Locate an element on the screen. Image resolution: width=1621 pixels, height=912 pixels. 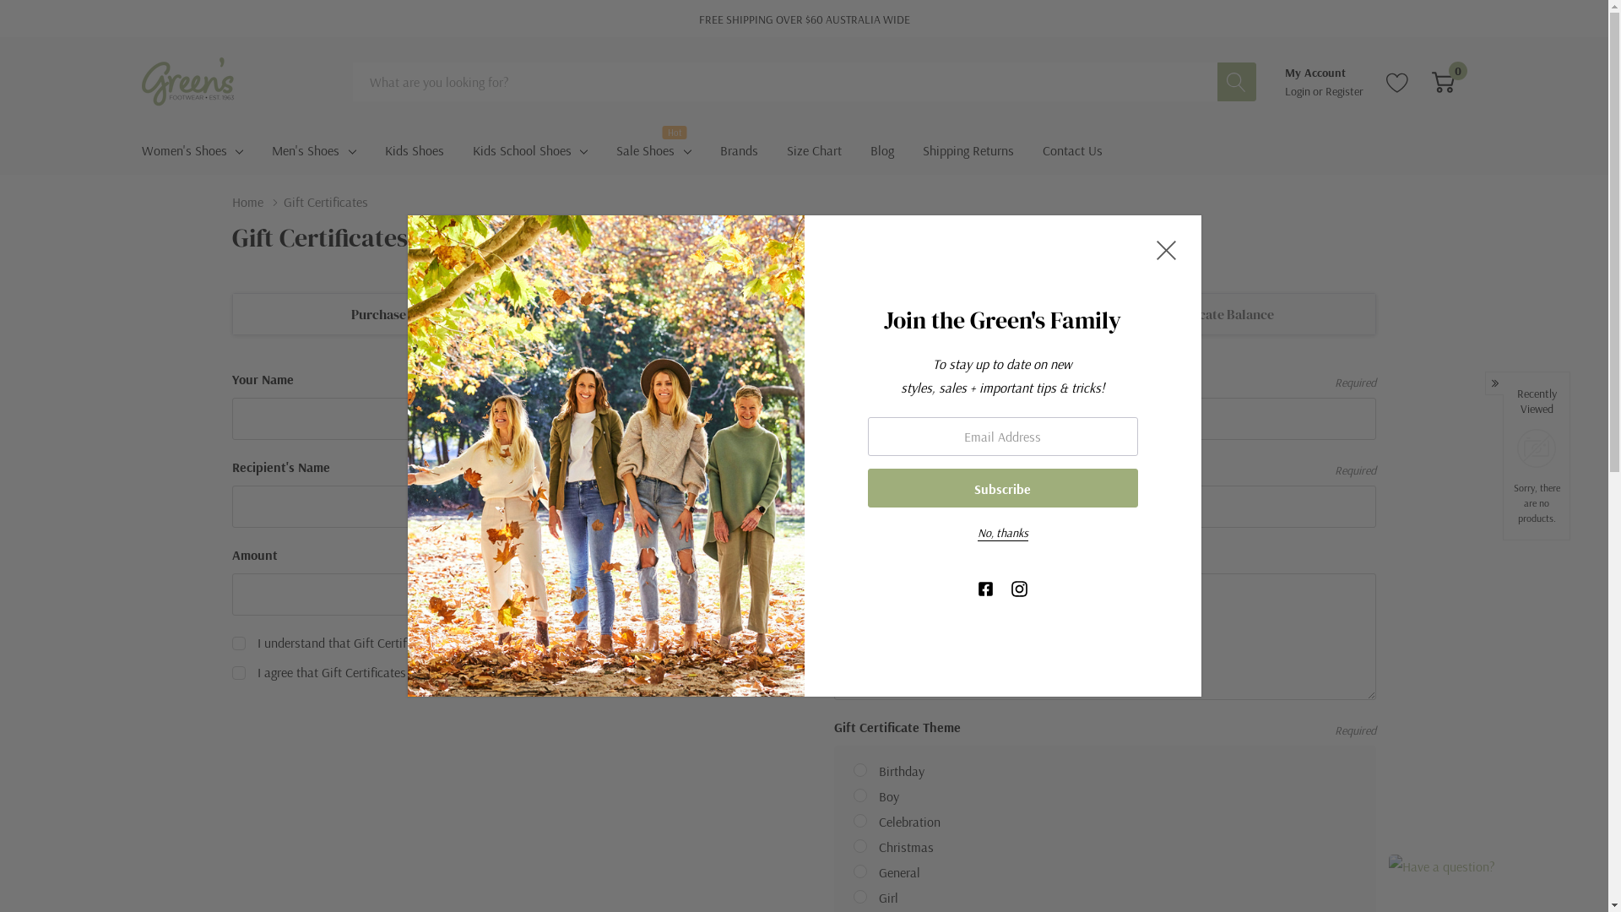
'Women'S Shoes' is located at coordinates (184, 149).